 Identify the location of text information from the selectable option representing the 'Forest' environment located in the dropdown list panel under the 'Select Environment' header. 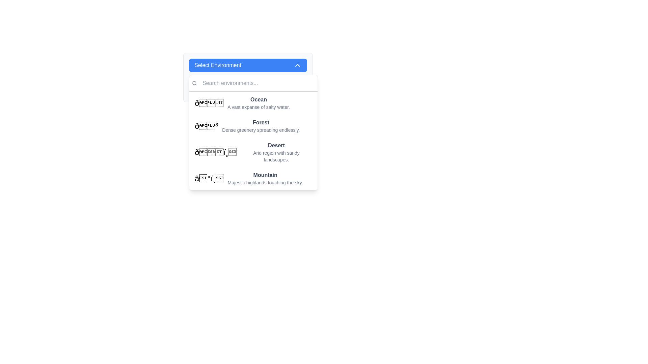
(261, 126).